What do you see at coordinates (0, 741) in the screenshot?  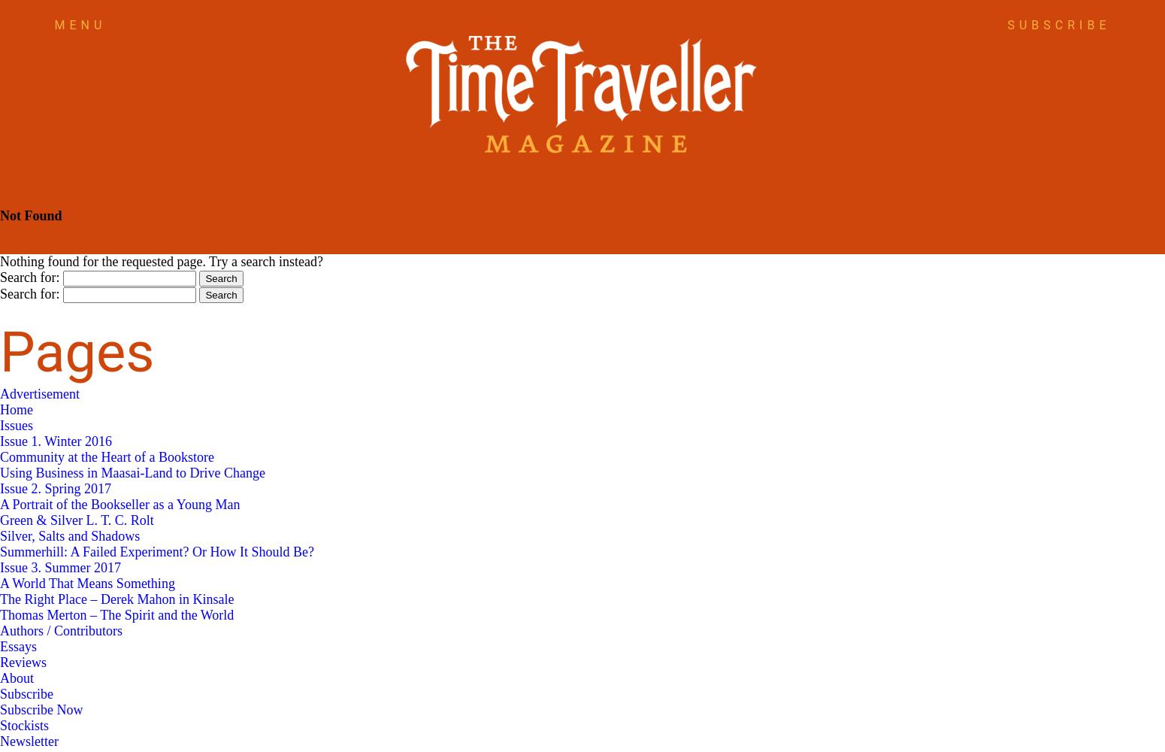 I see `'Newsletter'` at bounding box center [0, 741].